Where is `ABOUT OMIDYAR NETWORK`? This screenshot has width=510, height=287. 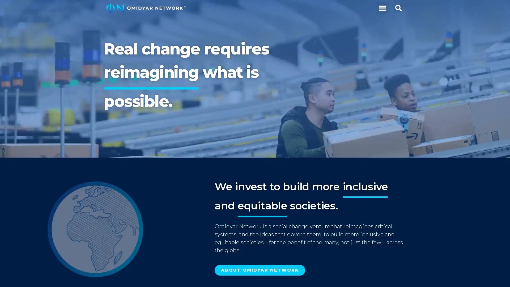 ABOUT OMIDYAR NETWORK is located at coordinates (260, 270).